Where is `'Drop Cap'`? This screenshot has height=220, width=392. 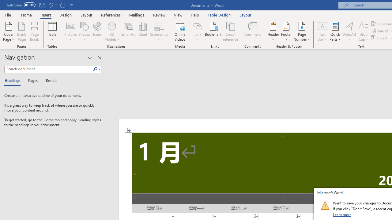 'Drop Cap' is located at coordinates (364, 31).